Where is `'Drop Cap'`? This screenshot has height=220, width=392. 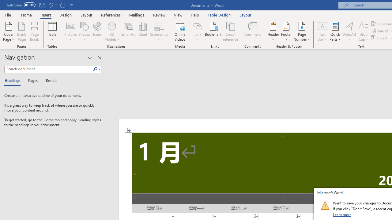 'Drop Cap' is located at coordinates (364, 31).